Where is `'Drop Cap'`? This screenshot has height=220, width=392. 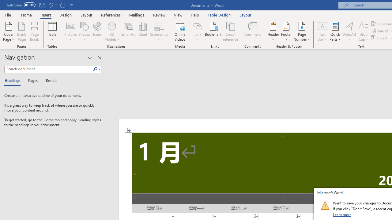 'Drop Cap' is located at coordinates (364, 31).